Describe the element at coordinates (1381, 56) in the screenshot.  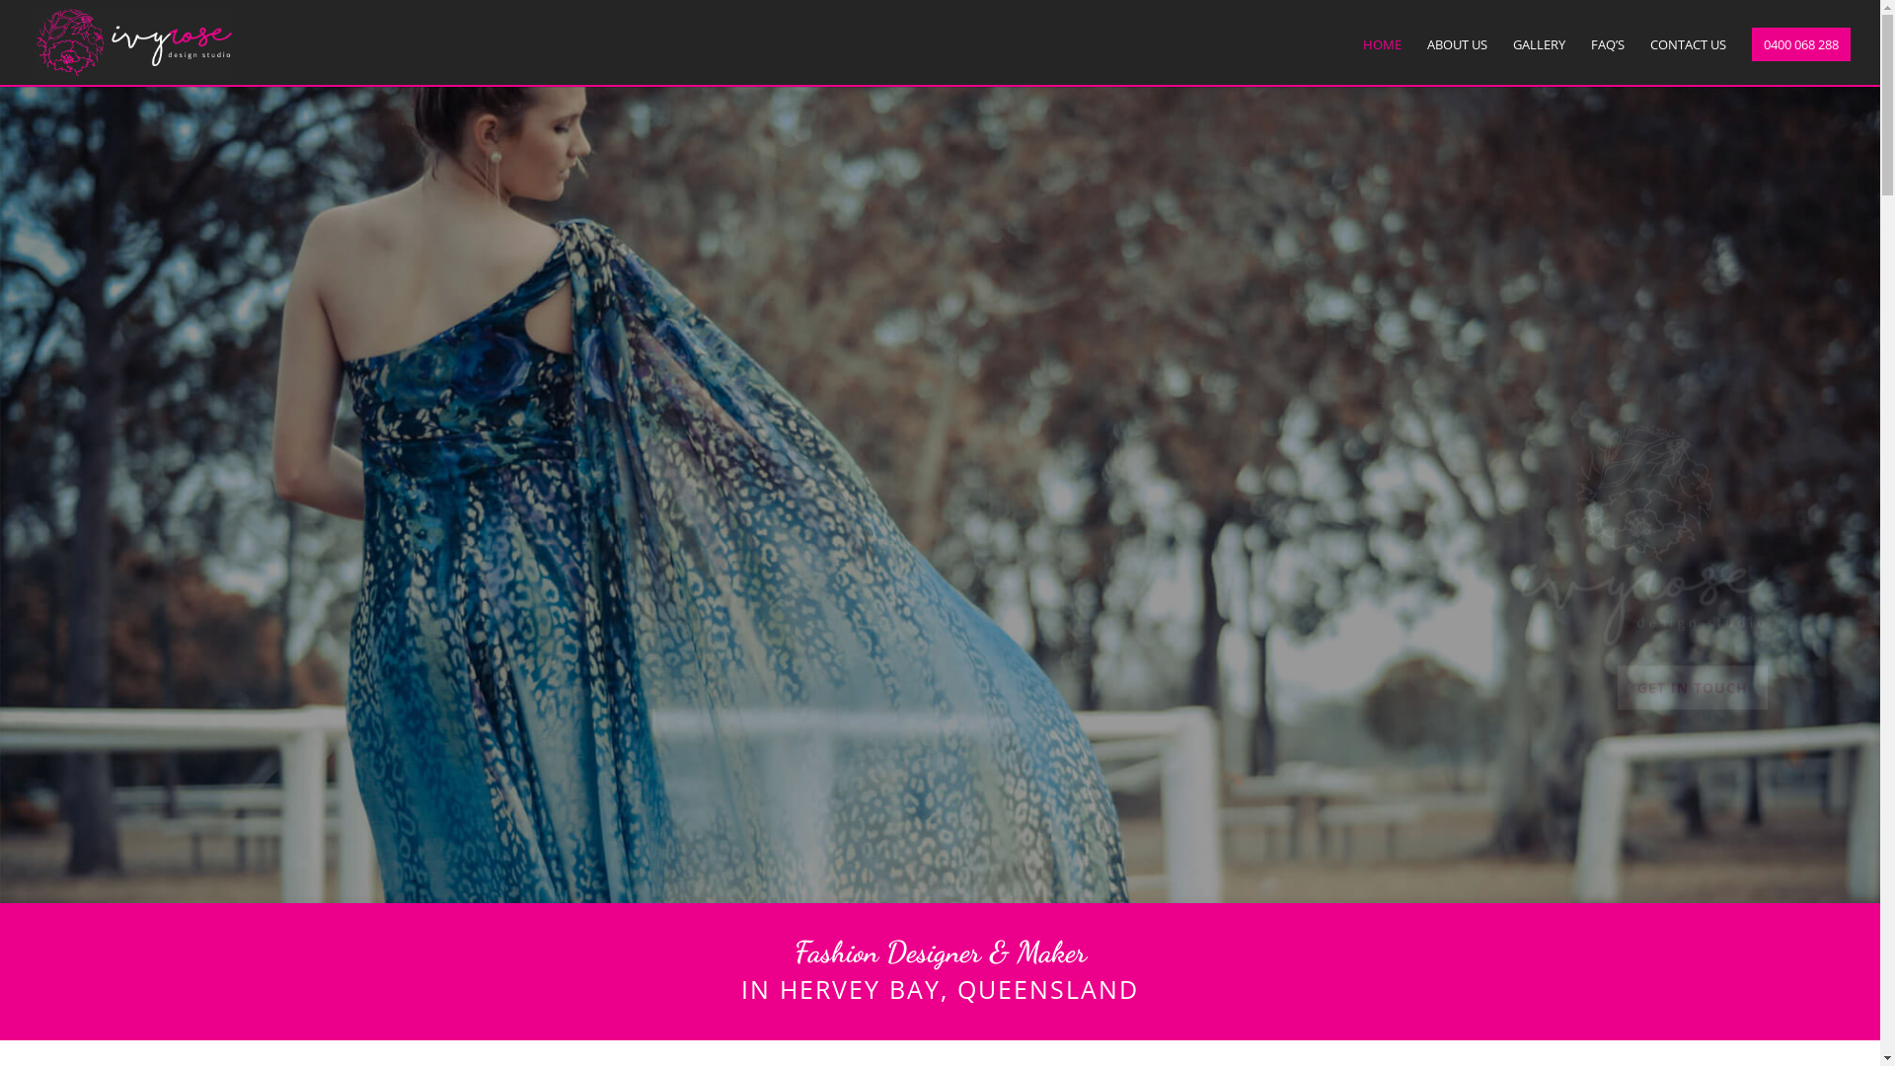
I see `'HOME'` at that location.